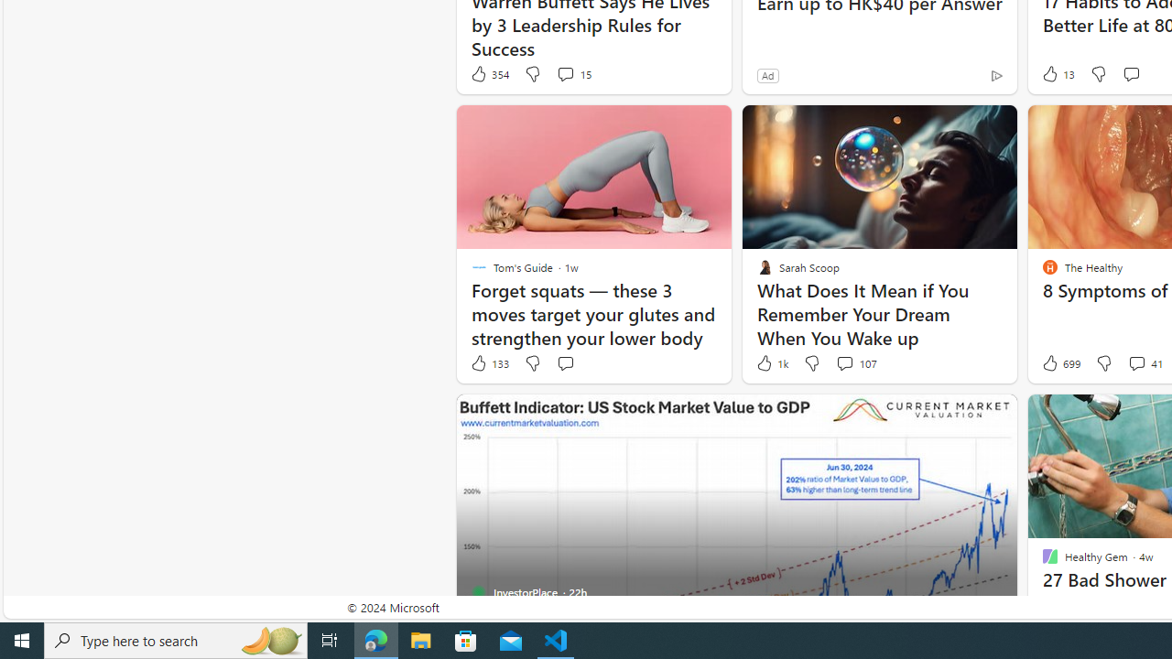  Describe the element at coordinates (1135, 363) in the screenshot. I see `'View comments 41 Comment'` at that location.